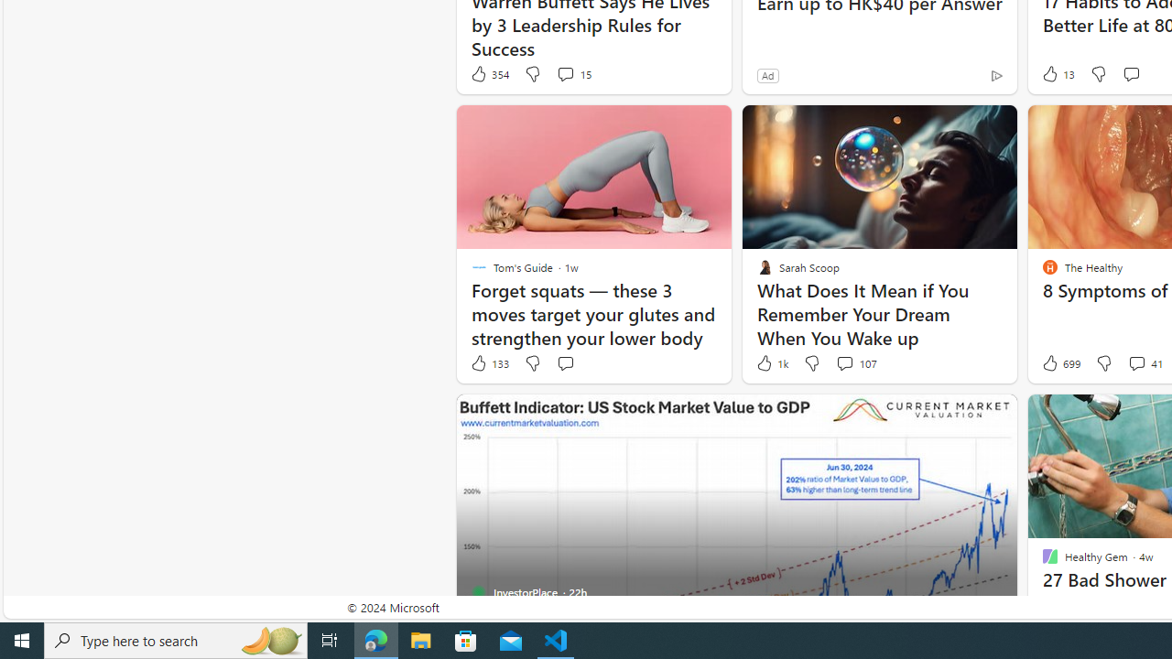  Describe the element at coordinates (1135, 363) in the screenshot. I see `'View comments 41 Comment'` at that location.